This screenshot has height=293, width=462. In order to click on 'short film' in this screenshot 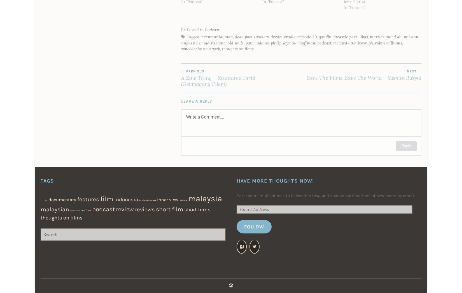, I will do `click(156, 209)`.